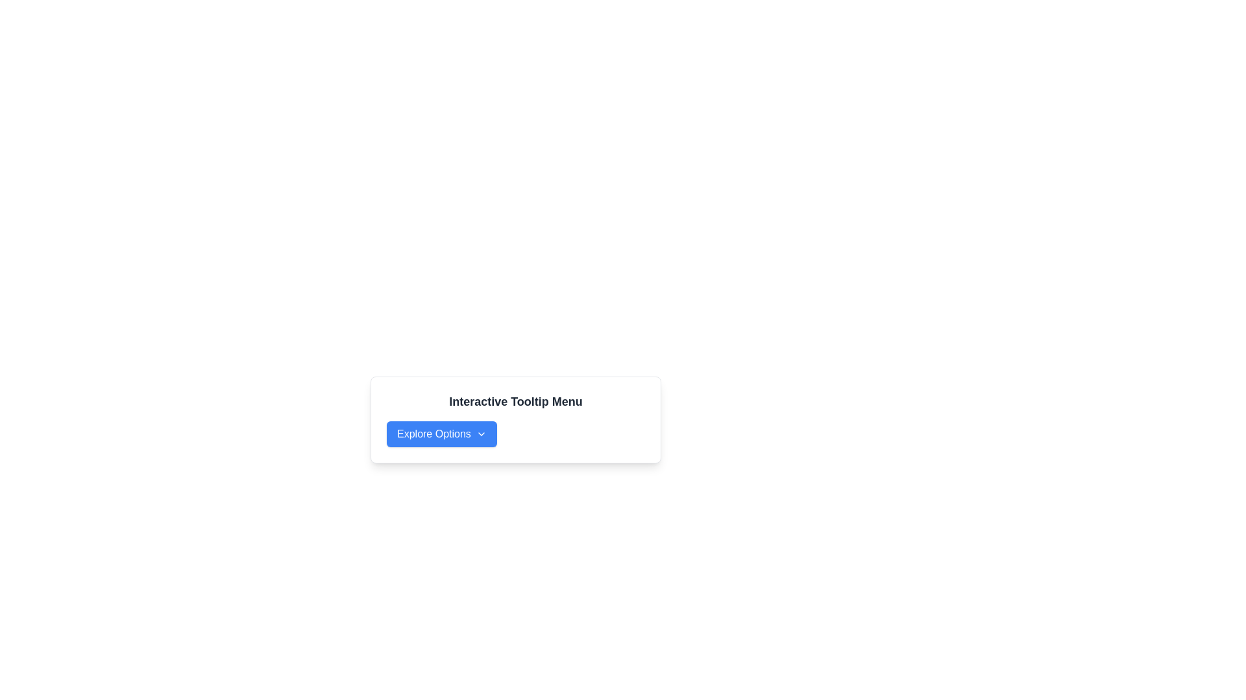 The width and height of the screenshot is (1246, 700). What do you see at coordinates (441, 434) in the screenshot?
I see `the 'Explore Options' dropdown button located beneath the 'Interactive Tooltip Menu' heading by` at bounding box center [441, 434].